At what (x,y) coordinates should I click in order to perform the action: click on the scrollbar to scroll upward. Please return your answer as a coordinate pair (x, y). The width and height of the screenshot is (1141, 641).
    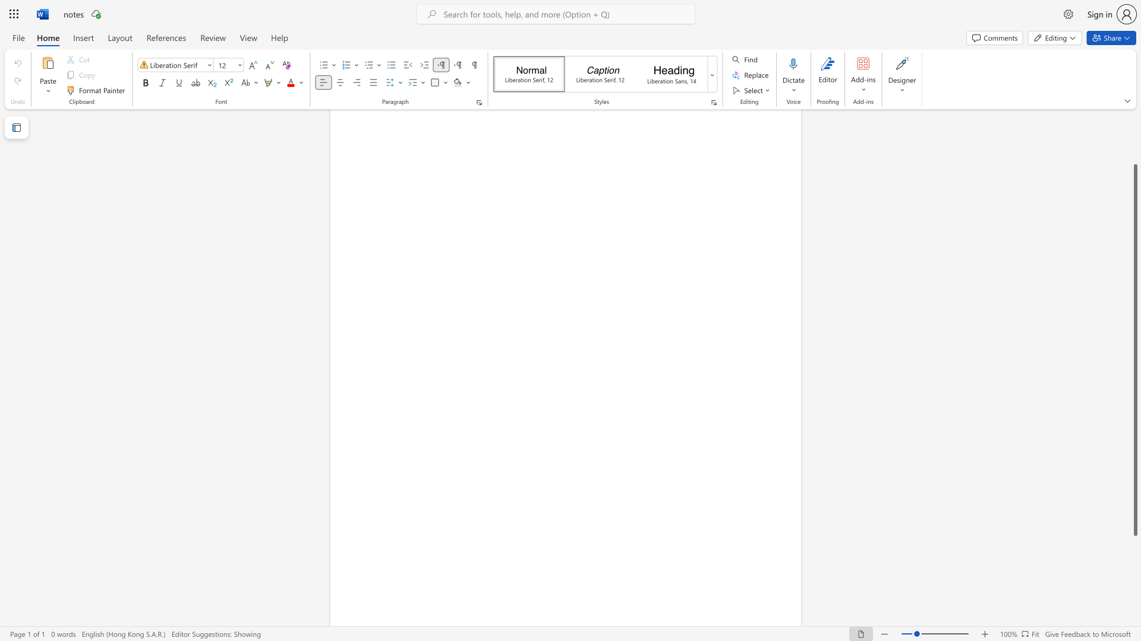
    Looking at the image, I should click on (1134, 148).